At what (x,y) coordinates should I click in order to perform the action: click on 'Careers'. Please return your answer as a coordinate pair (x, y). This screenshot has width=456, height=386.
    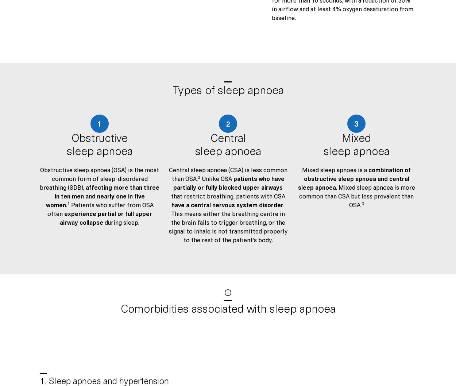
    Looking at the image, I should click on (49, 197).